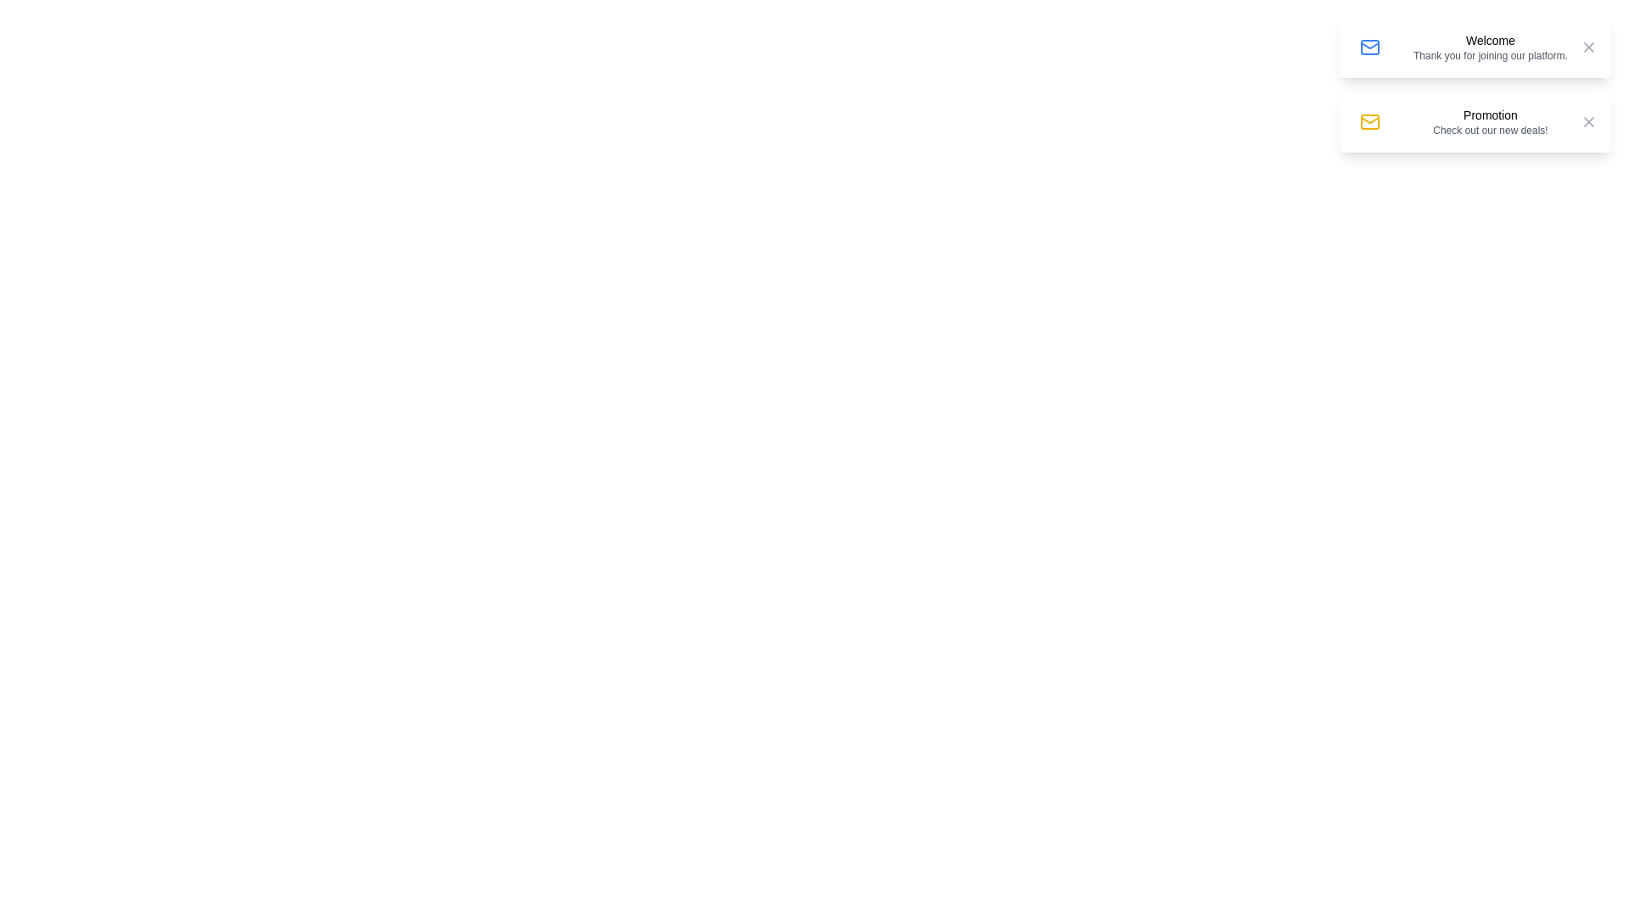  What do you see at coordinates (1587, 47) in the screenshot?
I see `the close button represented by the SVG line in the top-right corner of the 'Welcome' notification card` at bounding box center [1587, 47].